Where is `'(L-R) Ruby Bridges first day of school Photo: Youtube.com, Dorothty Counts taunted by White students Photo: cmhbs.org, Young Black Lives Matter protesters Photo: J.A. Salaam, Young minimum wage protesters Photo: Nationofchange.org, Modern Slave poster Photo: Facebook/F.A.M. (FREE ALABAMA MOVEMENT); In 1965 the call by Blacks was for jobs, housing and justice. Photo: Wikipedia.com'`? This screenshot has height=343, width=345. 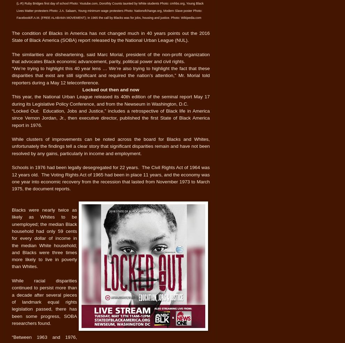 '(L-R) Ruby Bridges first day of school Photo: Youtube.com, Dorothty Counts taunted by White students Photo: cmhbs.org, Young Black Lives Matter protesters Photo: J.A. Salaam, Young minimum wage protesters Photo: Nationofchange.org, Modern Slave poster Photo: Facebook/F.A.M. (FREE ALABAMA MOVEMENT); In 1965 the call by Blacks was for jobs, housing and justice. Photo: Wikipedia.com' is located at coordinates (109, 10).